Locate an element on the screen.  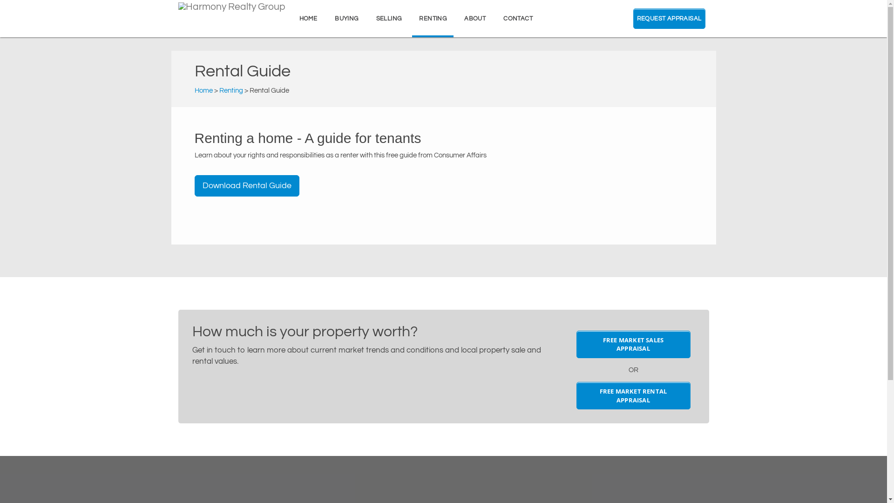
'RENTING' is located at coordinates (411, 18).